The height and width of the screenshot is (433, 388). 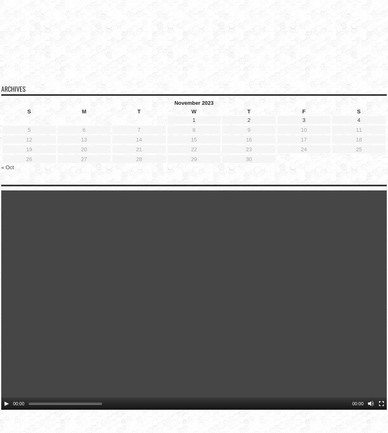 I want to click on '19', so click(x=26, y=136).